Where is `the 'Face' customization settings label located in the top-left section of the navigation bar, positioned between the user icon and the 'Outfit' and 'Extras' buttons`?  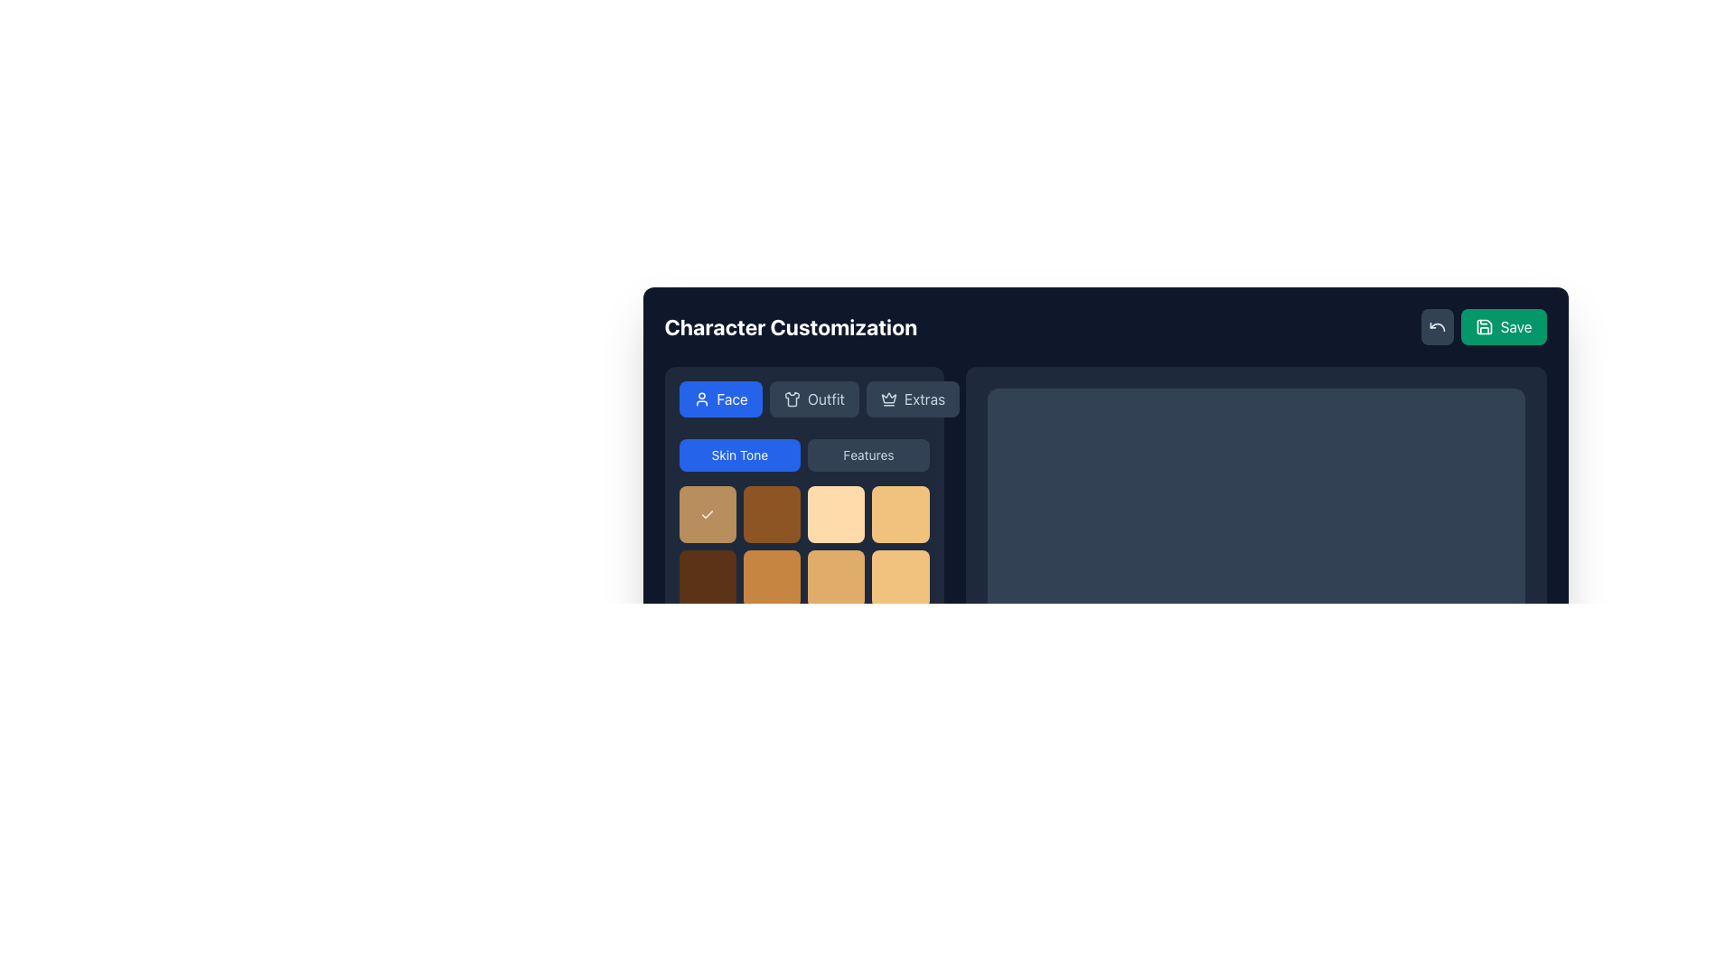 the 'Face' customization settings label located in the top-left section of the navigation bar, positioned between the user icon and the 'Outfit' and 'Extras' buttons is located at coordinates (732, 399).